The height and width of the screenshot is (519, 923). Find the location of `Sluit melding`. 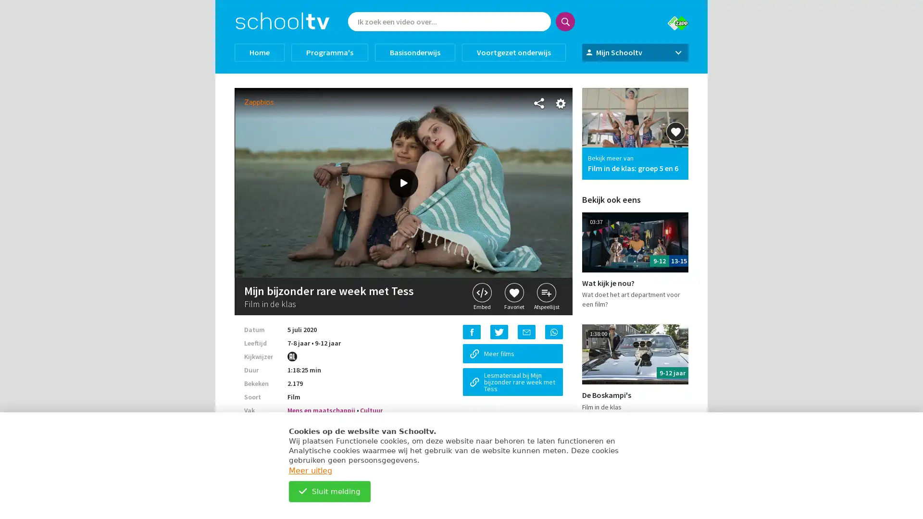

Sluit melding is located at coordinates (329, 491).